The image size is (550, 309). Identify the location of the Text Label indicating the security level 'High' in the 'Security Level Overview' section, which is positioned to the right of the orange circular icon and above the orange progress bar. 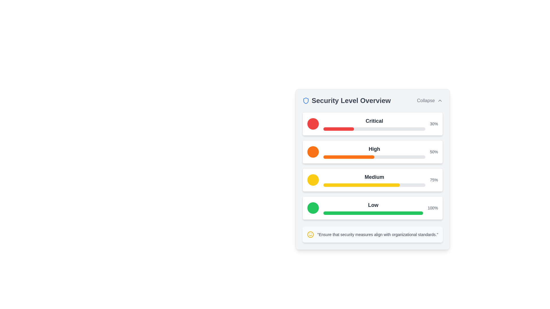
(374, 148).